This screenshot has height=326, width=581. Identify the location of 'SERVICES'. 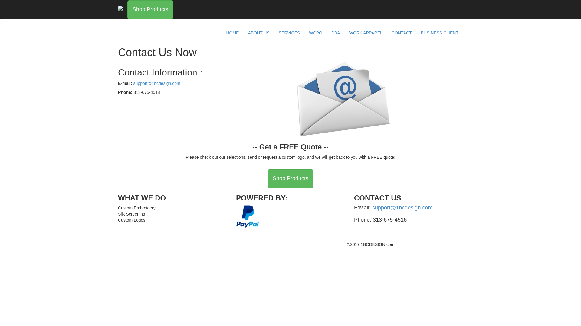
(289, 33).